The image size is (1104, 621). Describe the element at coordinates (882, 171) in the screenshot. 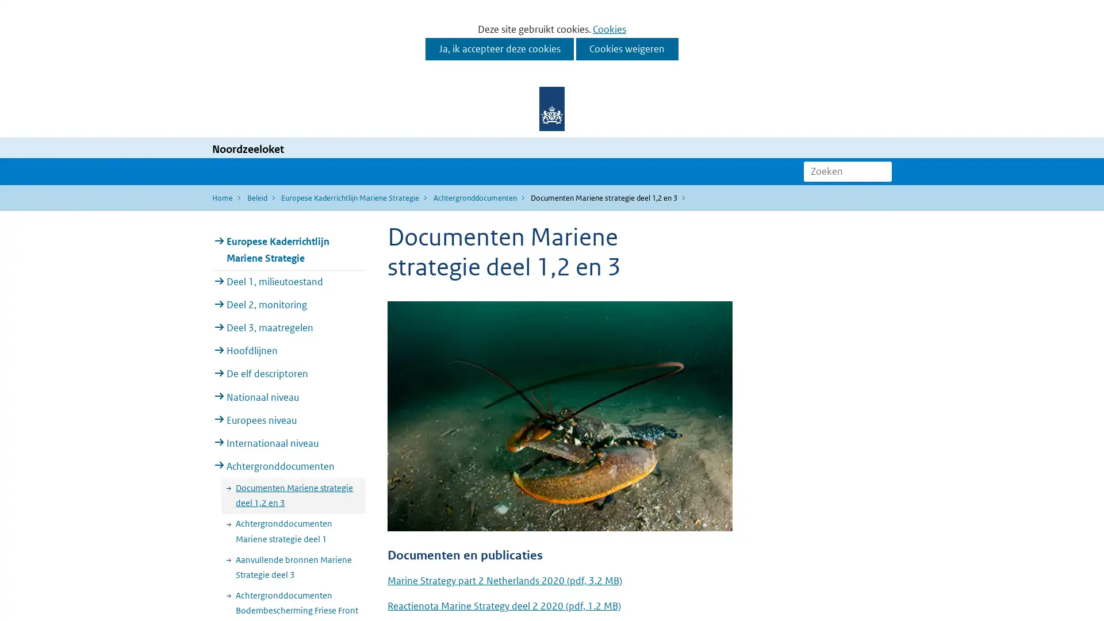

I see `Zoeken` at that location.